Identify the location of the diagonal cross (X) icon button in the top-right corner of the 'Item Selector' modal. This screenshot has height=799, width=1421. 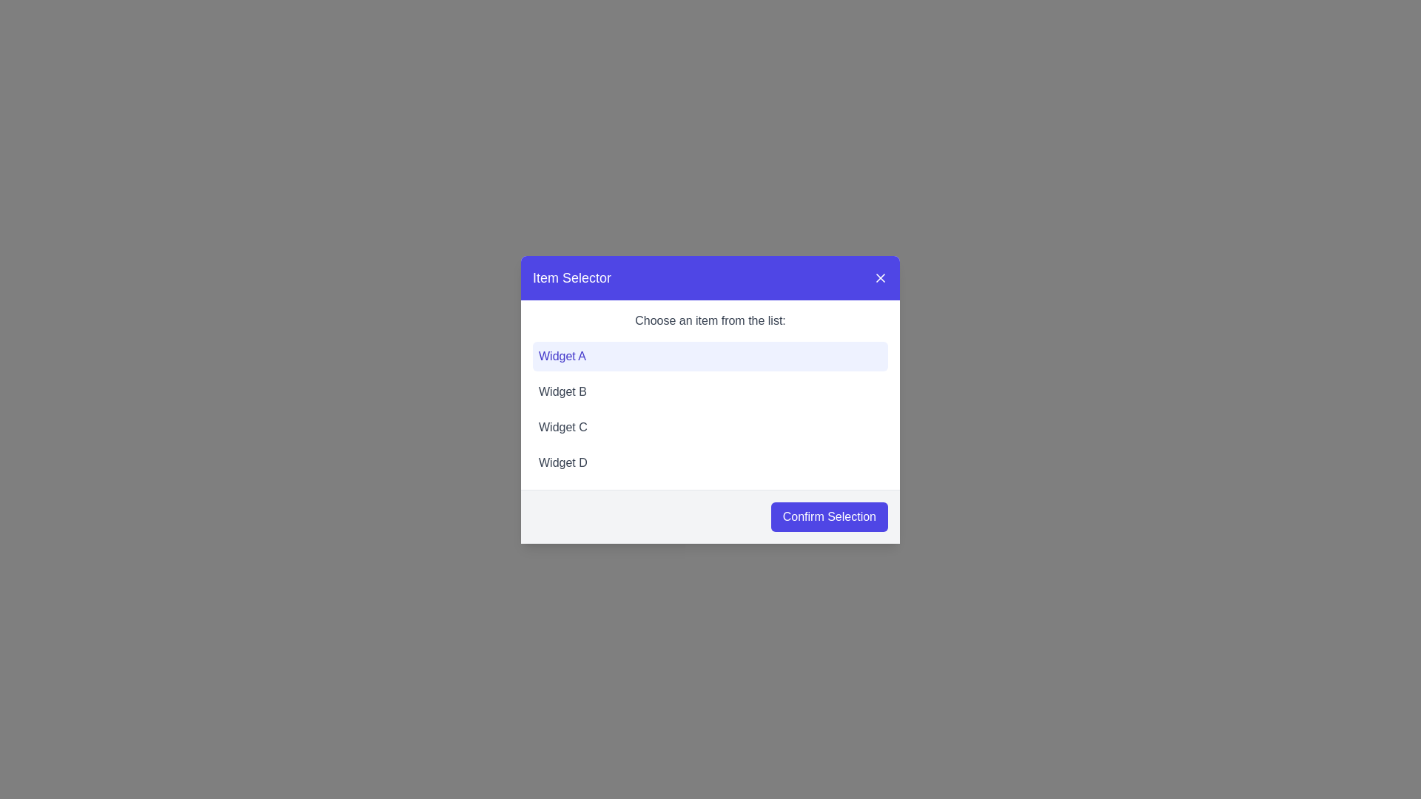
(881, 277).